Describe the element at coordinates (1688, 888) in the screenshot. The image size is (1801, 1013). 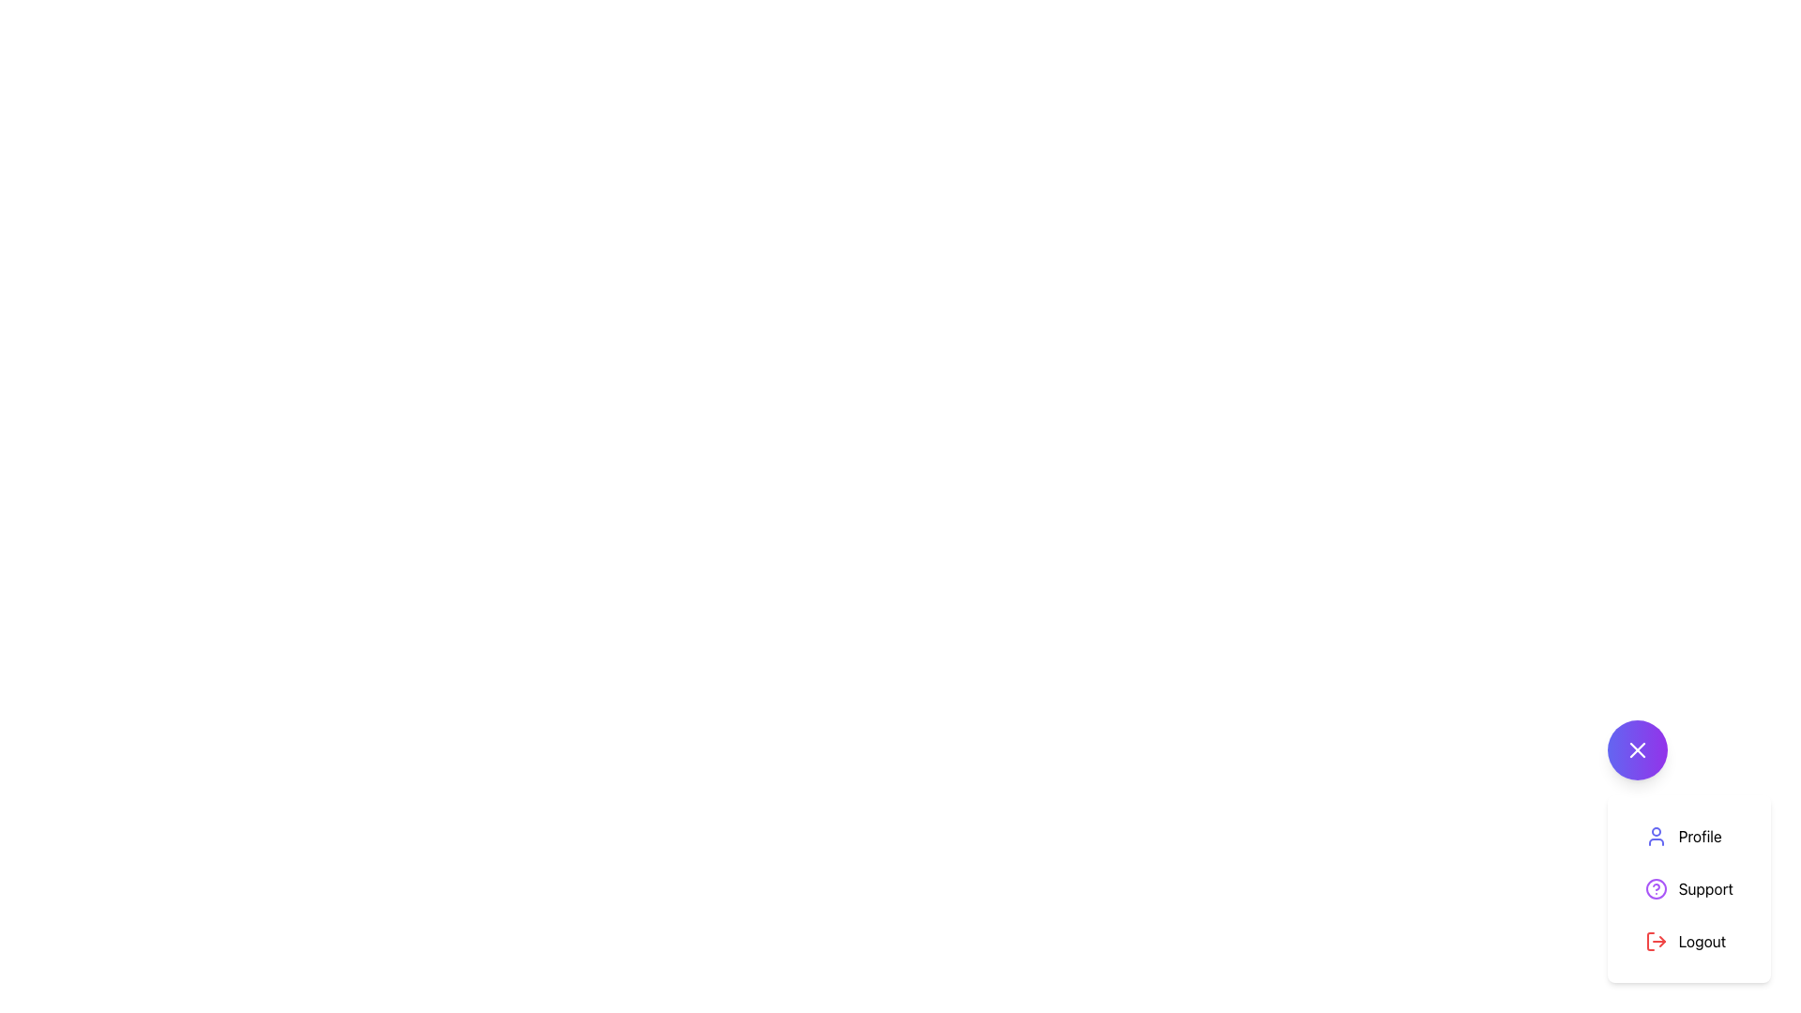
I see `the 'Support' menu item, which is the second option in the vertical menu located at the bottom-right of the interface` at that location.